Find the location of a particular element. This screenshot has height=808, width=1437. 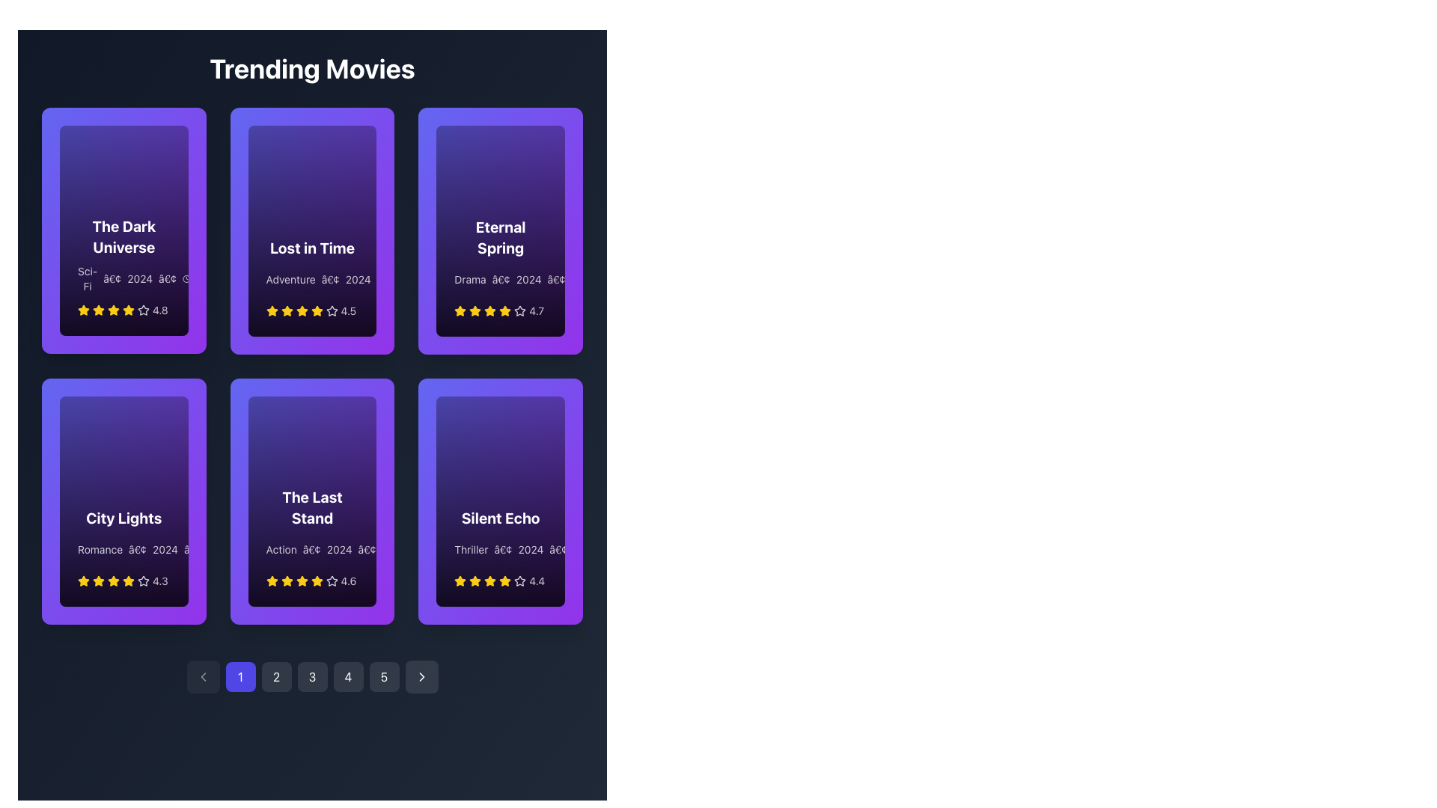

the sixth star-shaped icon in the rating section for the movie 'Silent Echo' is located at coordinates (520, 580).